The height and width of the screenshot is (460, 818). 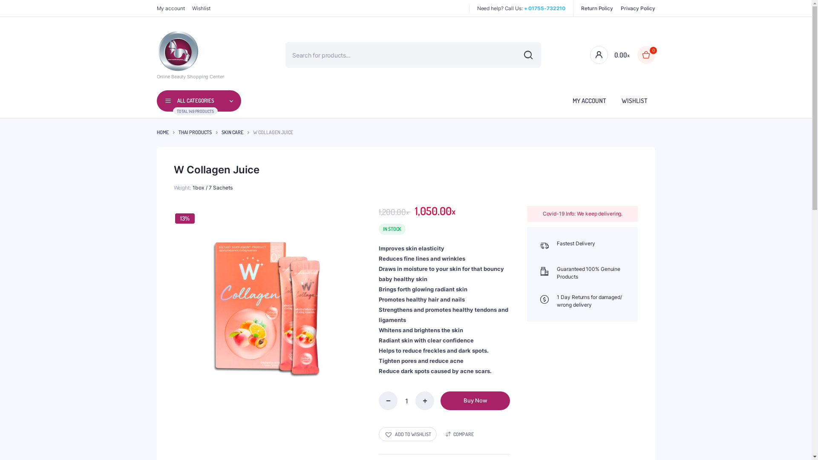 I want to click on 'Privacy Policy', so click(x=638, y=8).